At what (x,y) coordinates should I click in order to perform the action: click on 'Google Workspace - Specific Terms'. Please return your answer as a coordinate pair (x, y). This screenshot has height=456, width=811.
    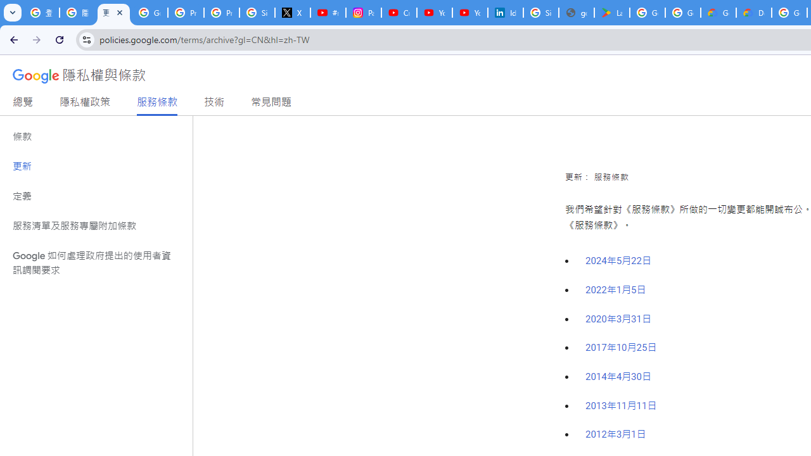
    Looking at the image, I should click on (682, 13).